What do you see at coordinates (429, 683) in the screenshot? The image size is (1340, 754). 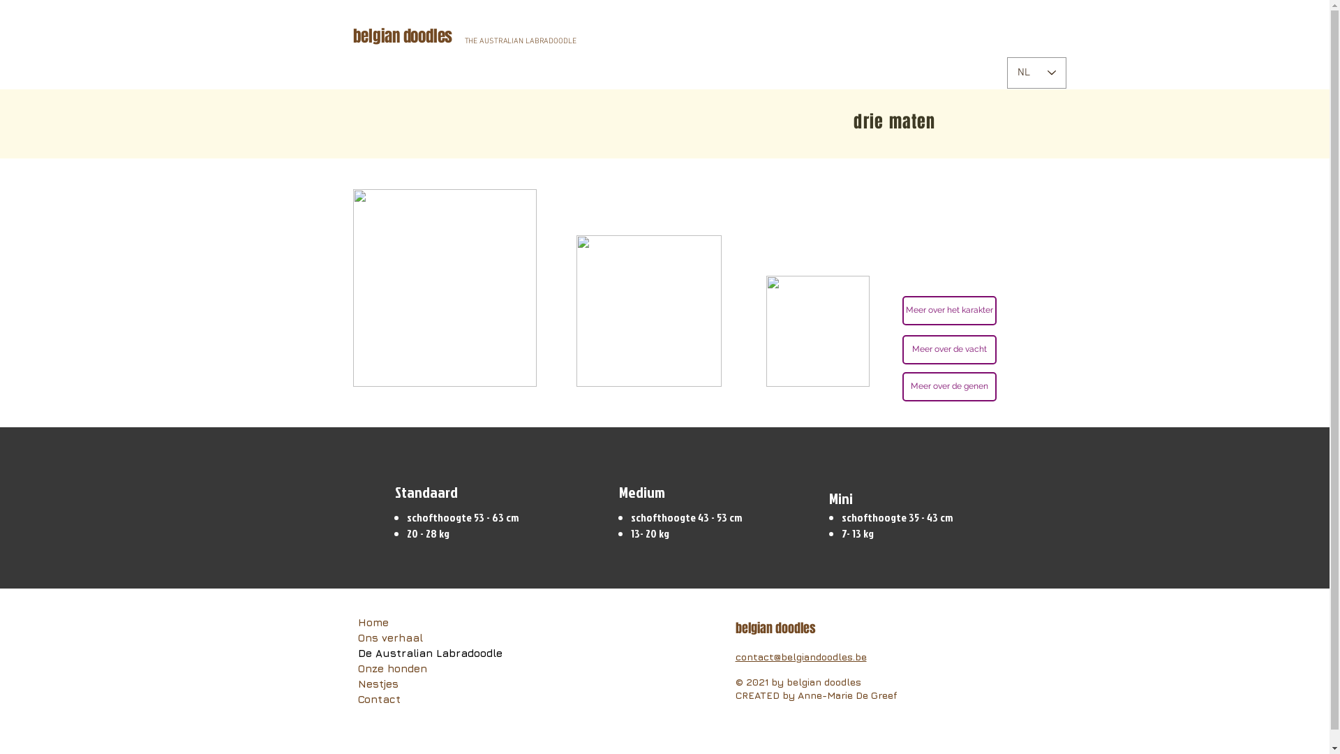 I see `'Nestjes'` at bounding box center [429, 683].